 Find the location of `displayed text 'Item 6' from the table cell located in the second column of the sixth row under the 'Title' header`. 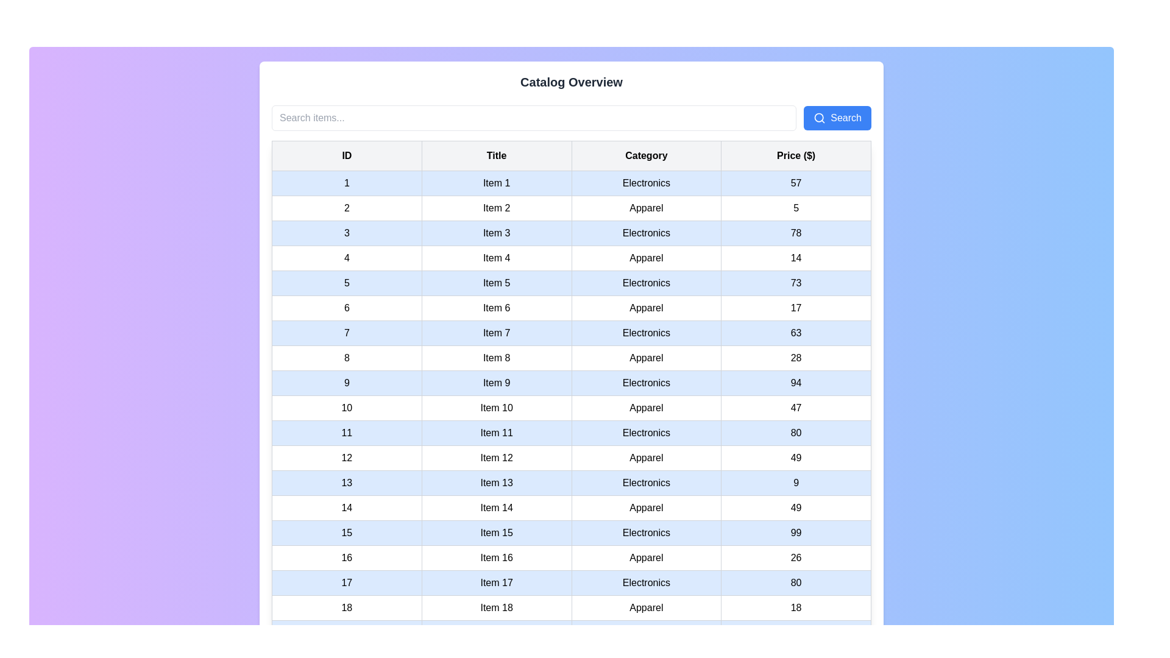

displayed text 'Item 6' from the table cell located in the second column of the sixth row under the 'Title' header is located at coordinates (497, 307).